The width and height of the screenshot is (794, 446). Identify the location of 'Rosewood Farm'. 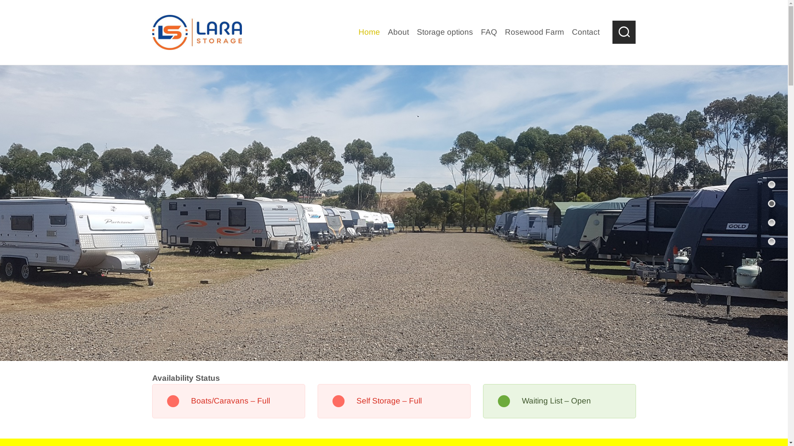
(534, 32).